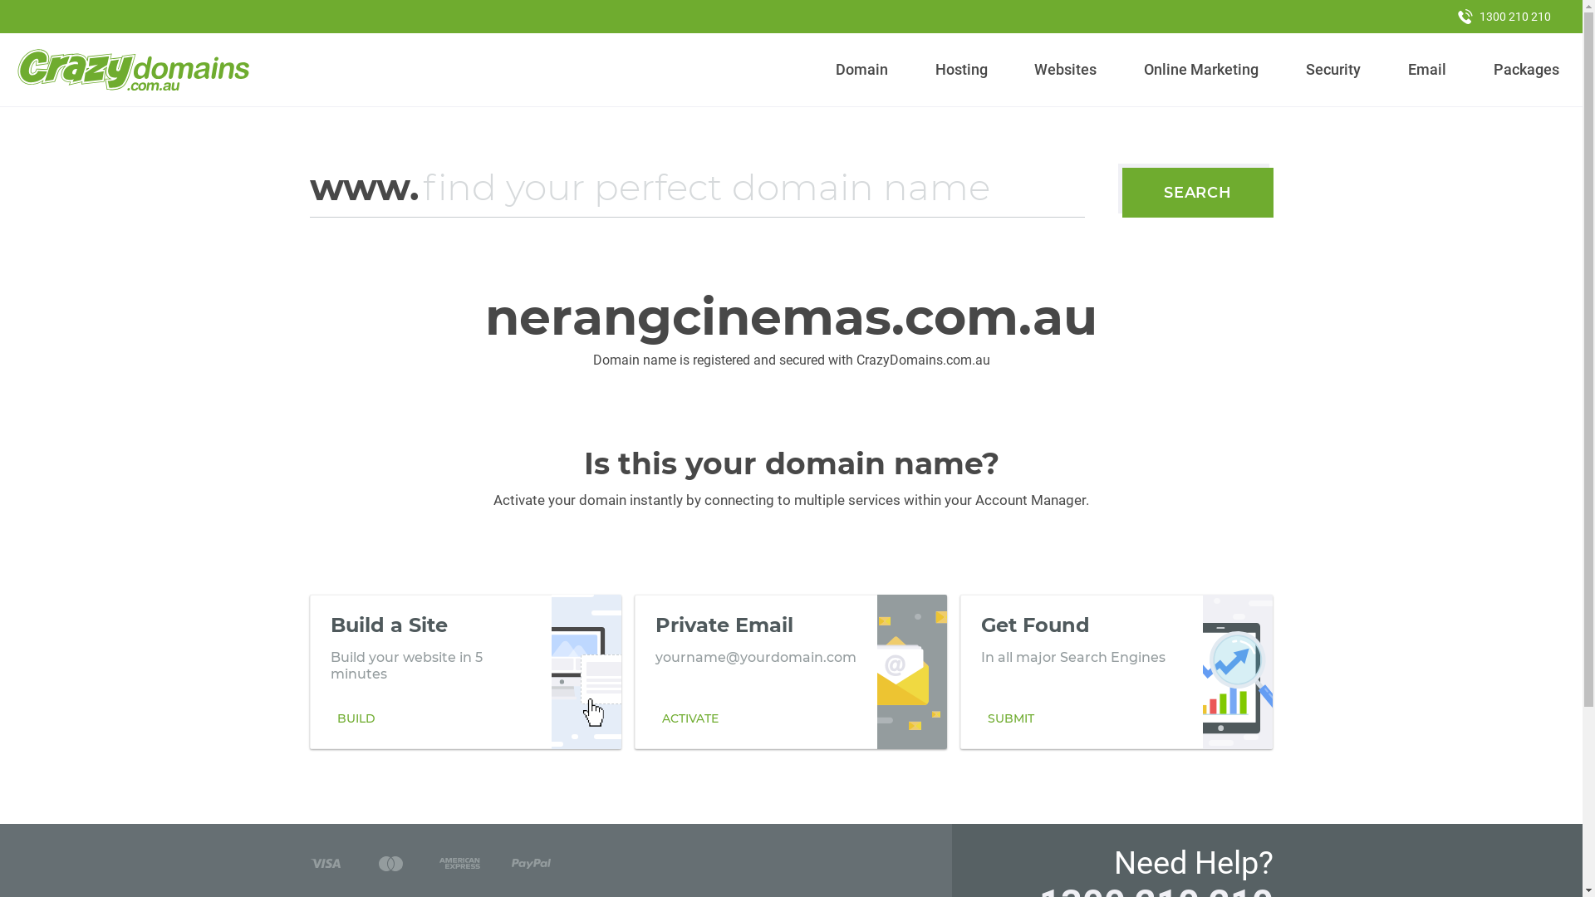  What do you see at coordinates (1526, 69) in the screenshot?
I see `'Packages'` at bounding box center [1526, 69].